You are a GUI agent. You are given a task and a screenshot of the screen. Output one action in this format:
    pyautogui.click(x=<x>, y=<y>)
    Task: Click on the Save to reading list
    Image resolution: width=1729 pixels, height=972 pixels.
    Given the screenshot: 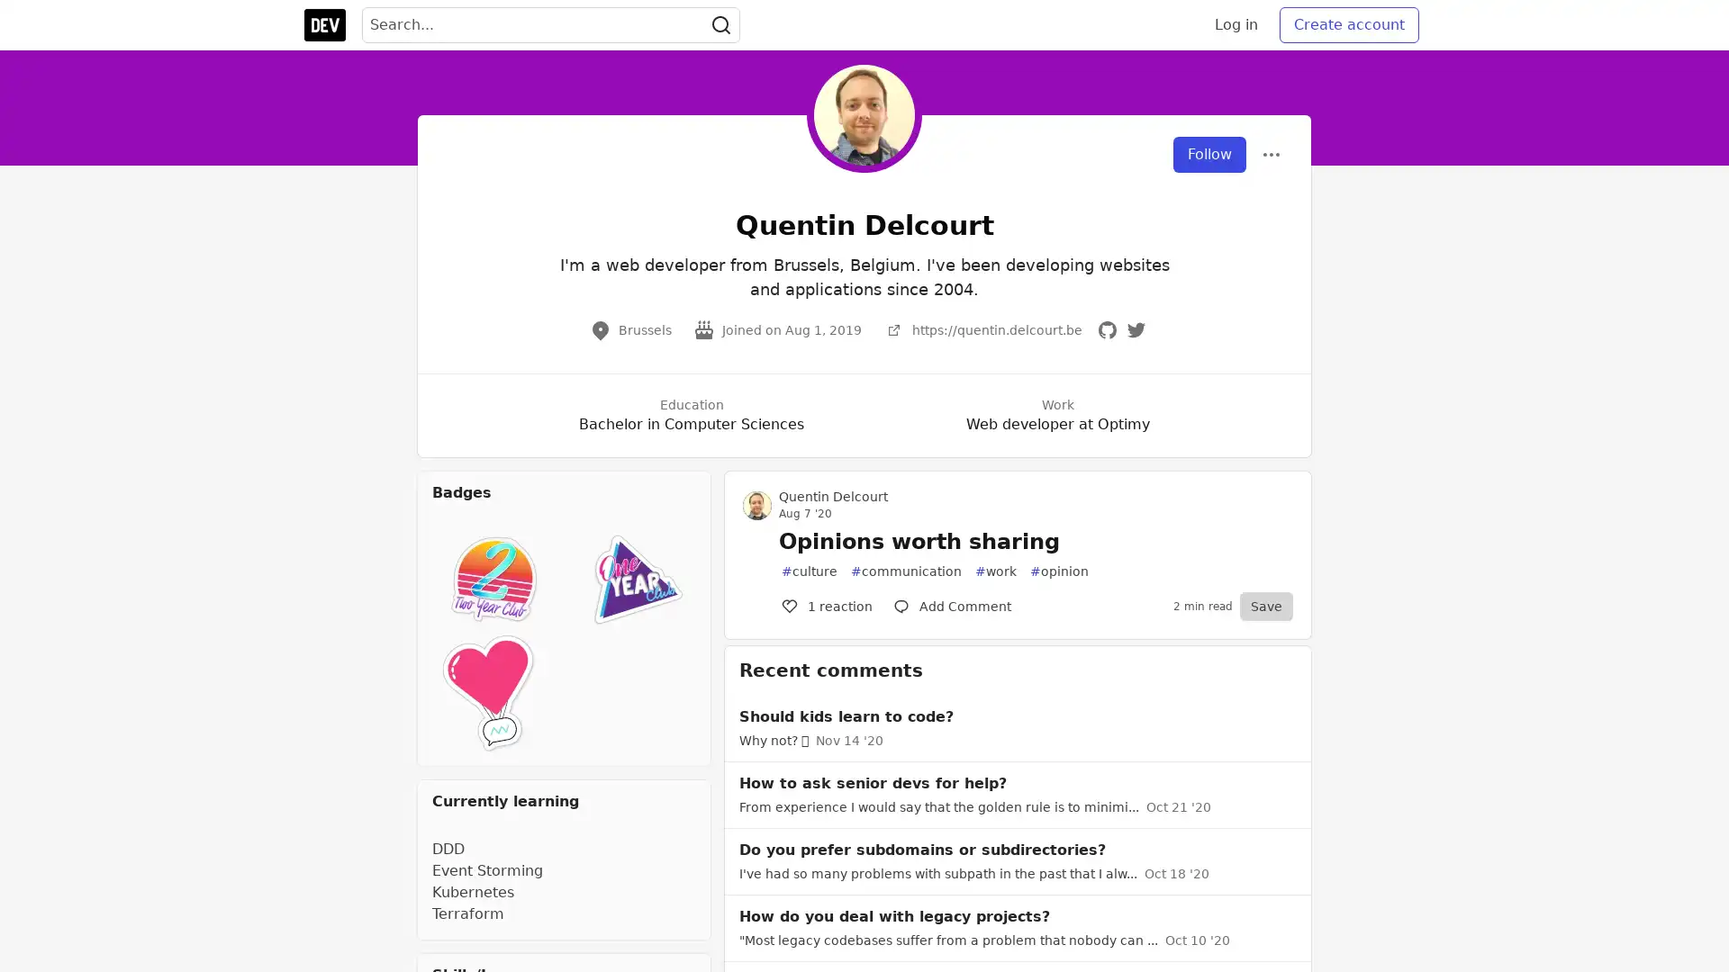 What is the action you would take?
    pyautogui.click(x=1265, y=607)
    